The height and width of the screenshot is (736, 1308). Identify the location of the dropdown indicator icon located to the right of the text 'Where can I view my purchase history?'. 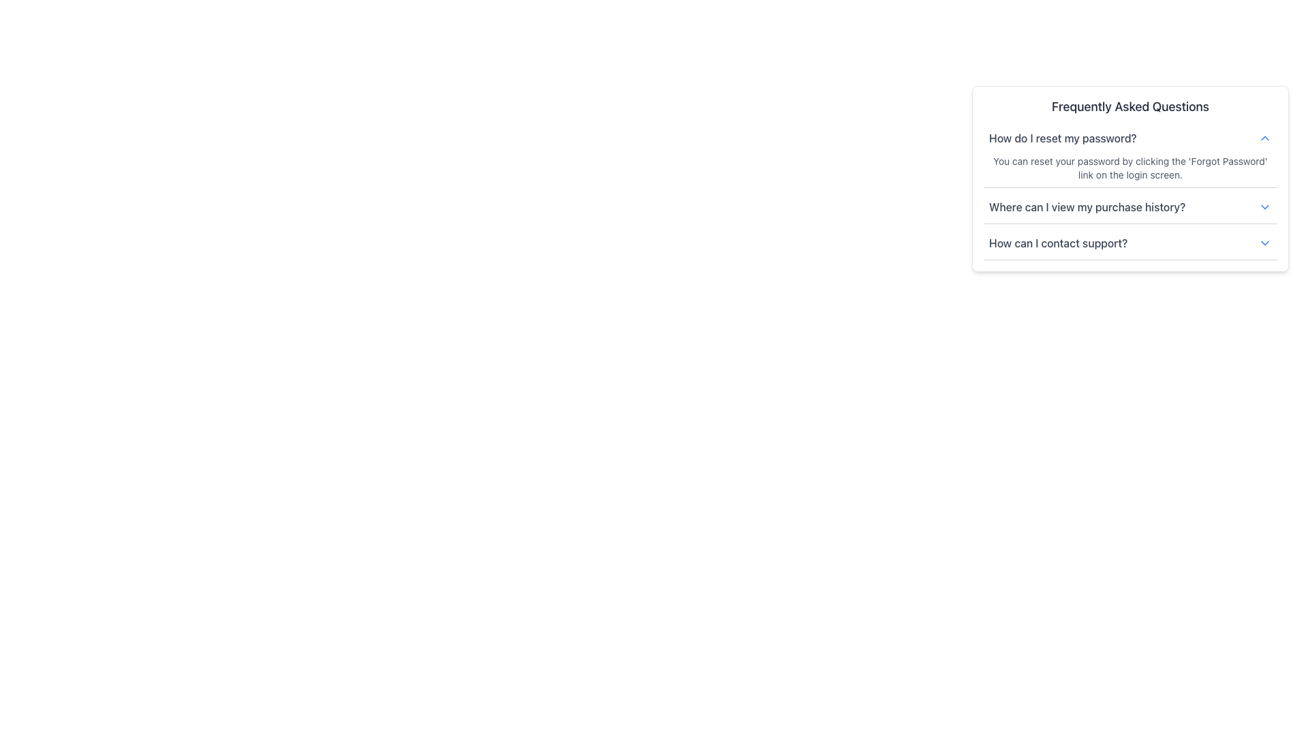
(1264, 207).